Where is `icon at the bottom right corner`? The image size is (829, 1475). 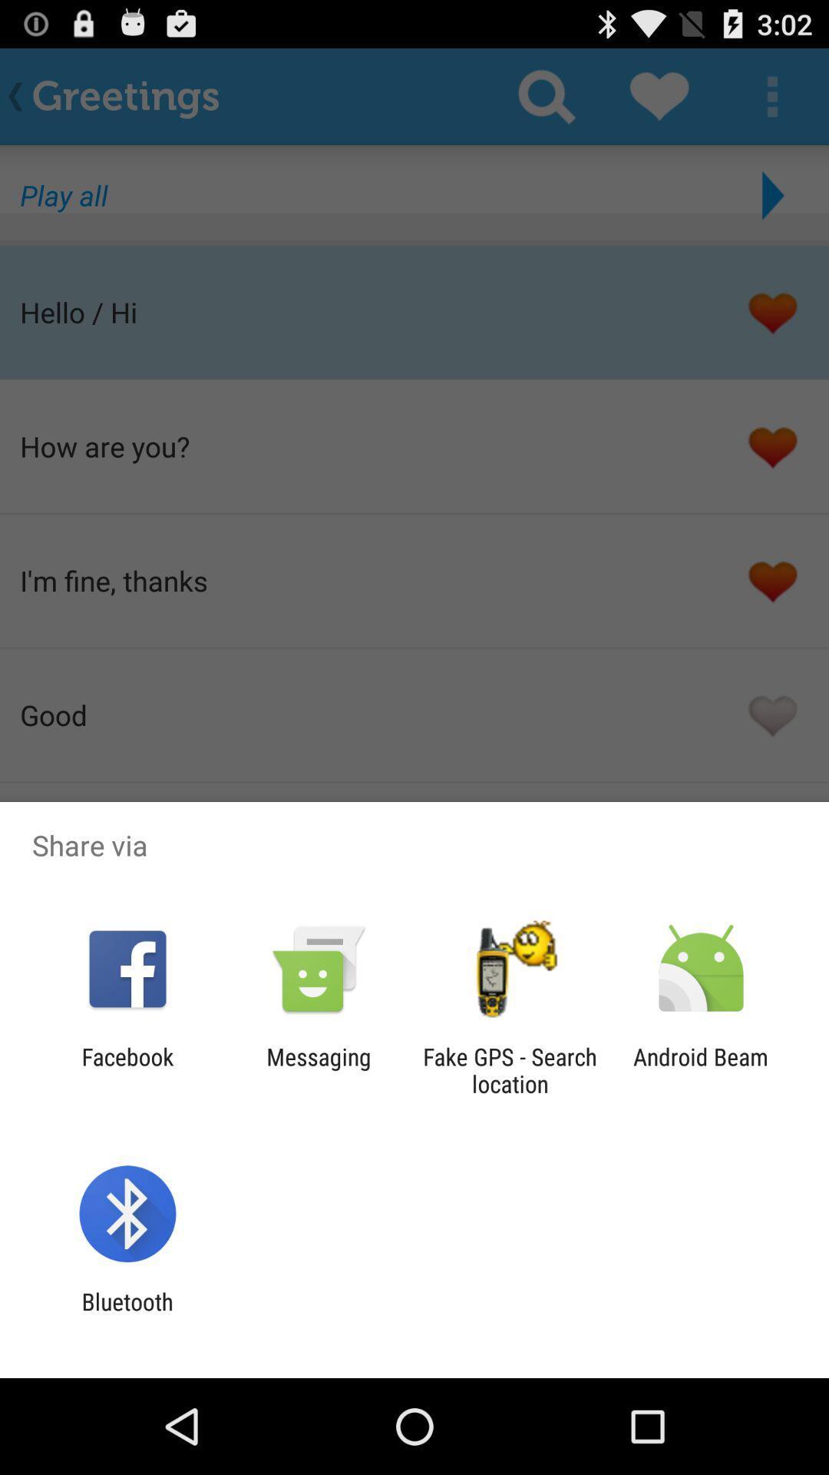
icon at the bottom right corner is located at coordinates (701, 1069).